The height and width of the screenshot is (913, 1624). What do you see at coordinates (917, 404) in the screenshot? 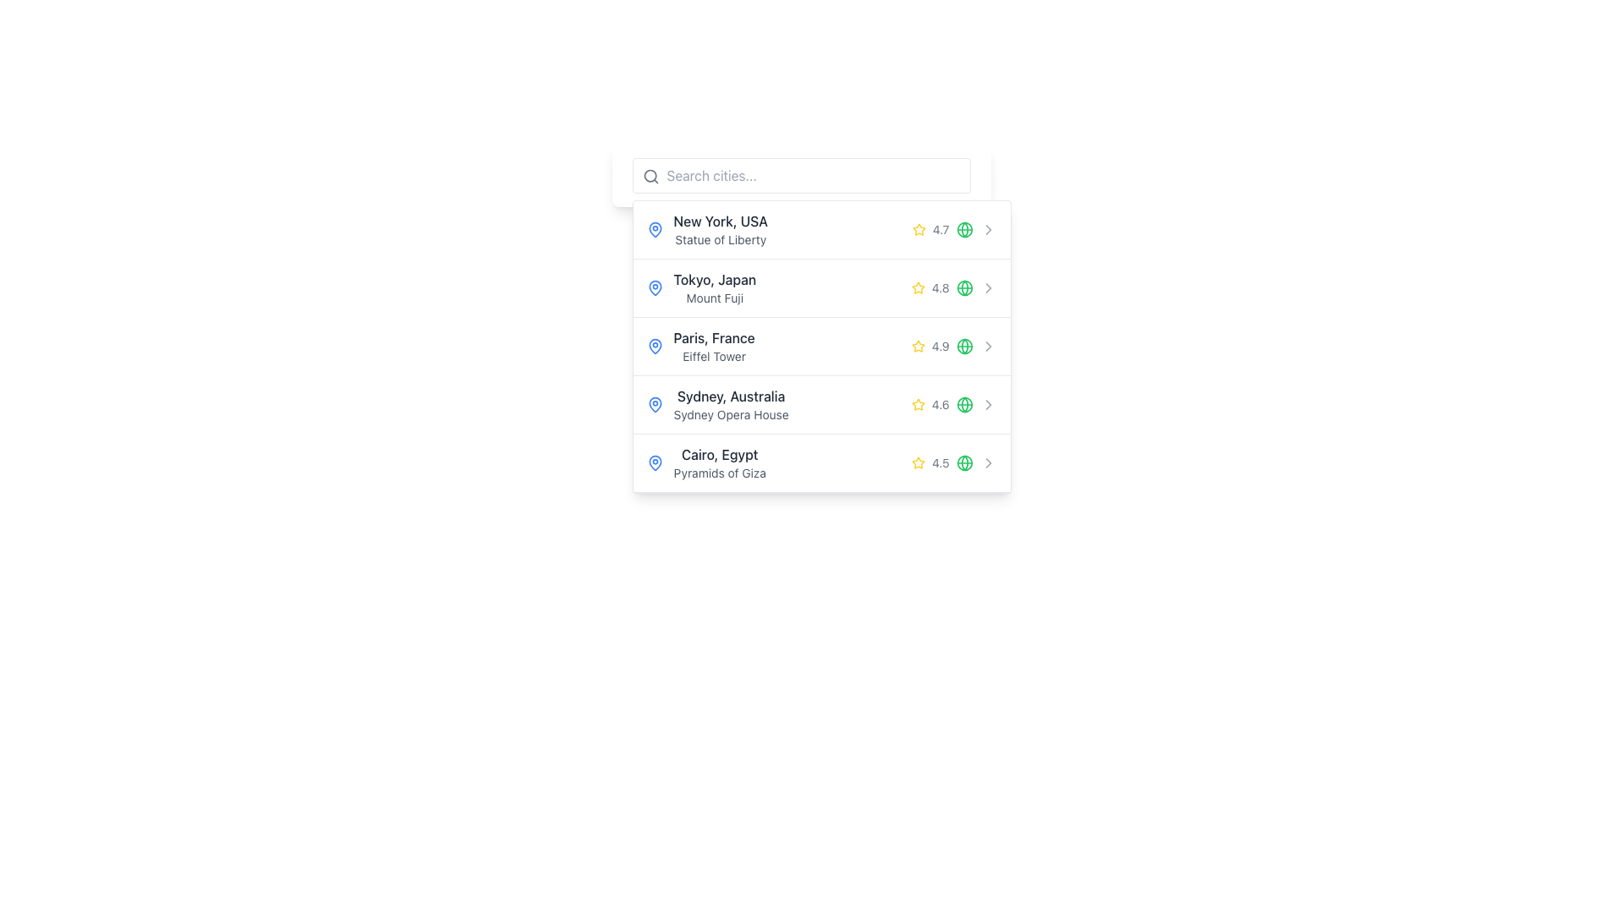
I see `the decorative icon representing a rating feature to the left of the rating value '4.6' for 'Sydney, Australia'` at bounding box center [917, 404].